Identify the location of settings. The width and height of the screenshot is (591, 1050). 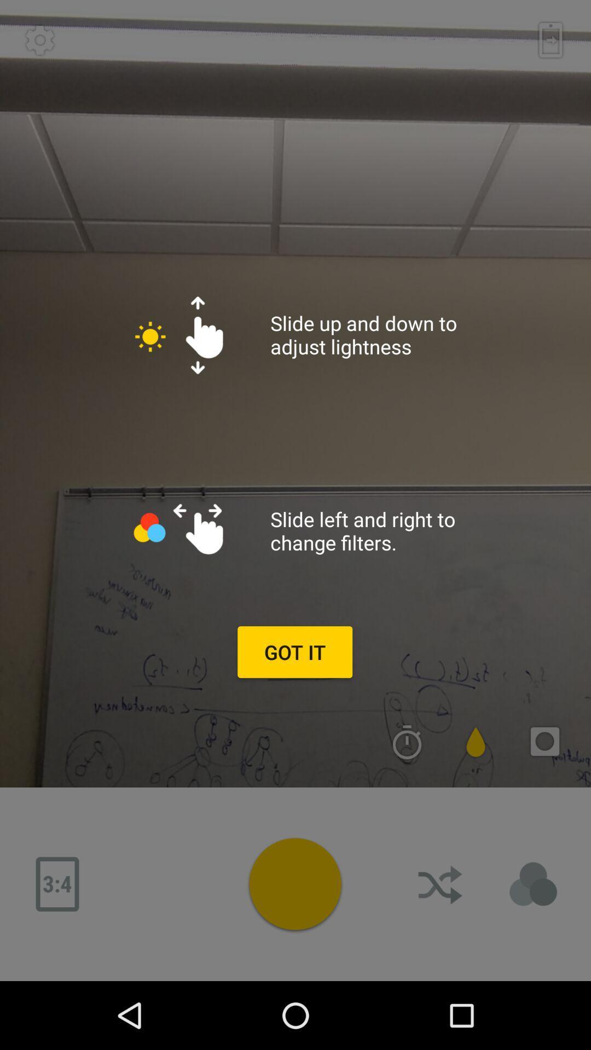
(39, 40).